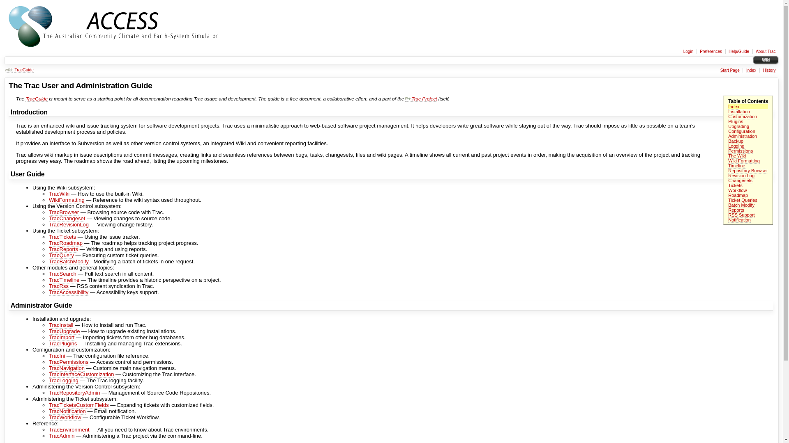  What do you see at coordinates (728, 106) in the screenshot?
I see `'Index'` at bounding box center [728, 106].